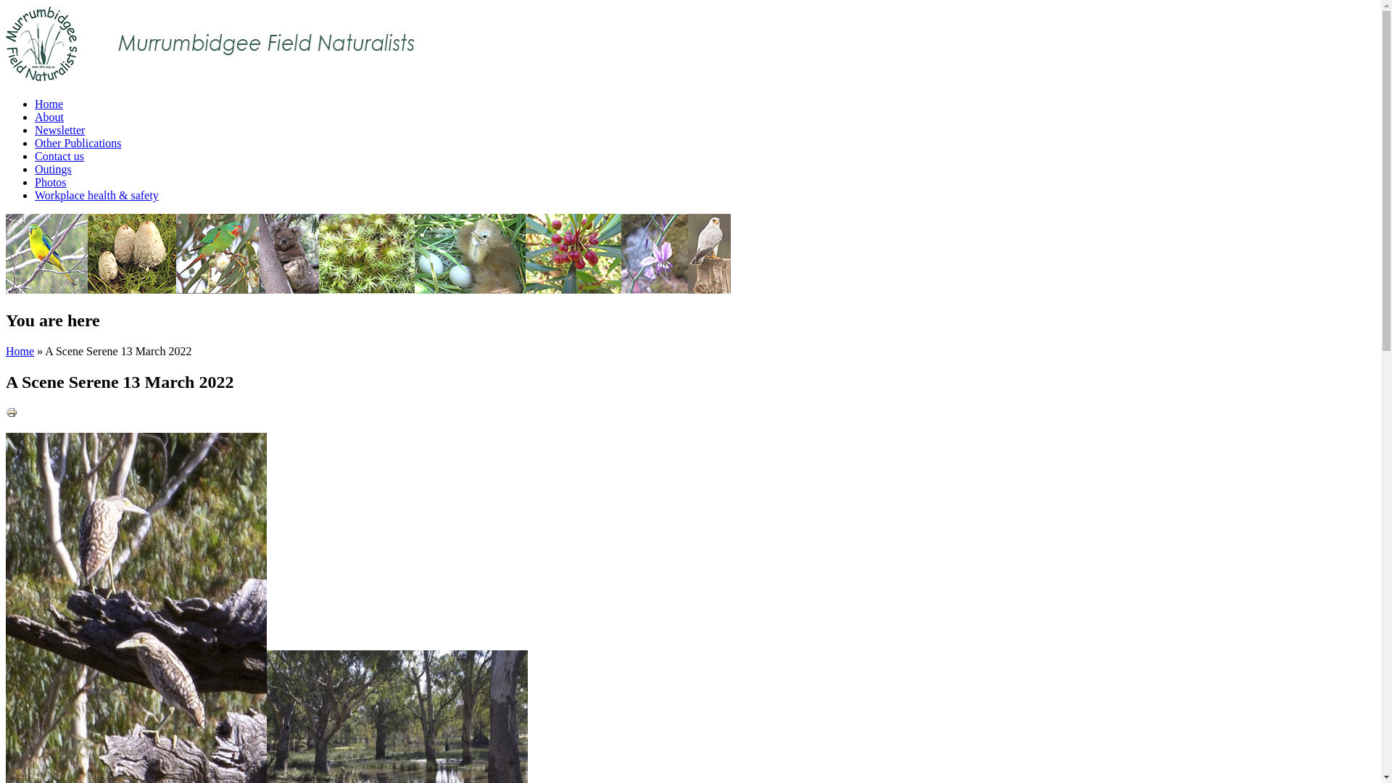  I want to click on 'Outings', so click(53, 168).